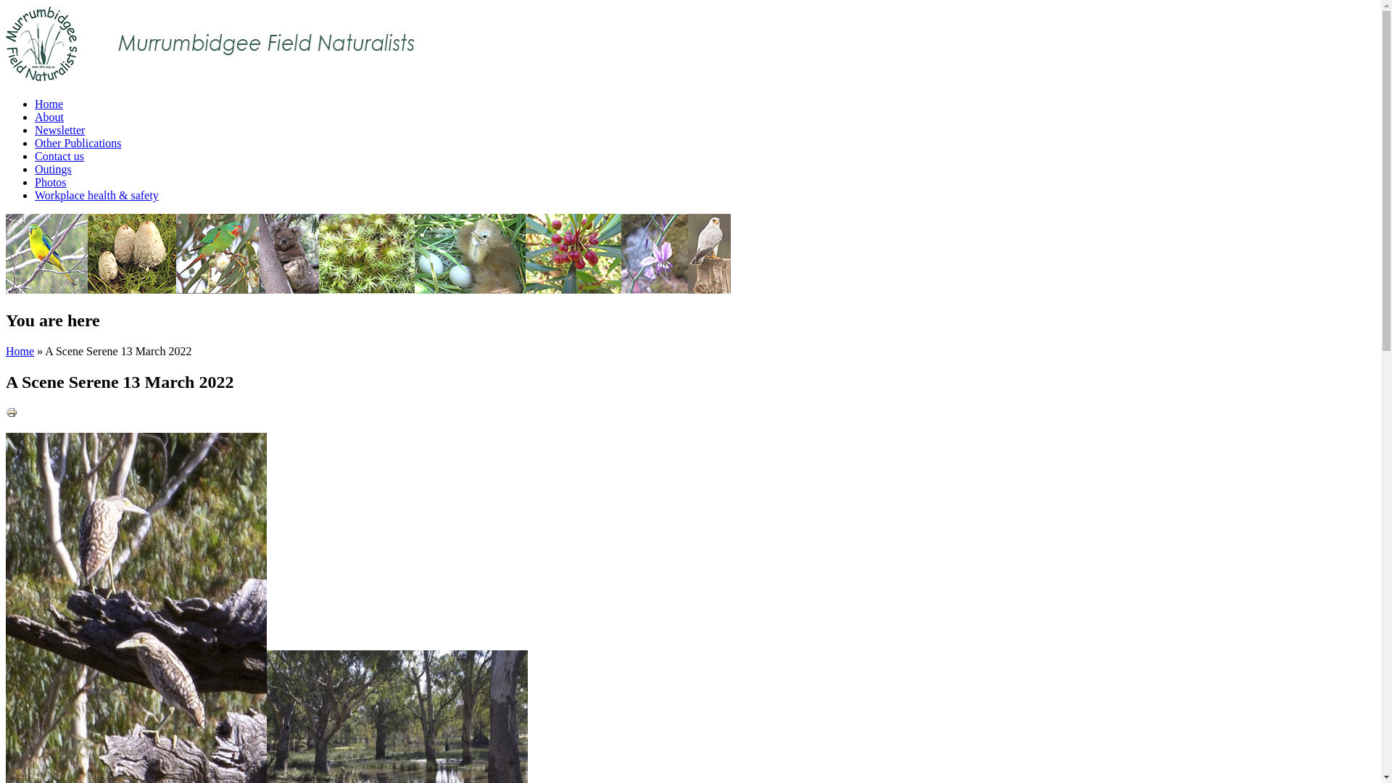  I want to click on 'Outings', so click(53, 168).